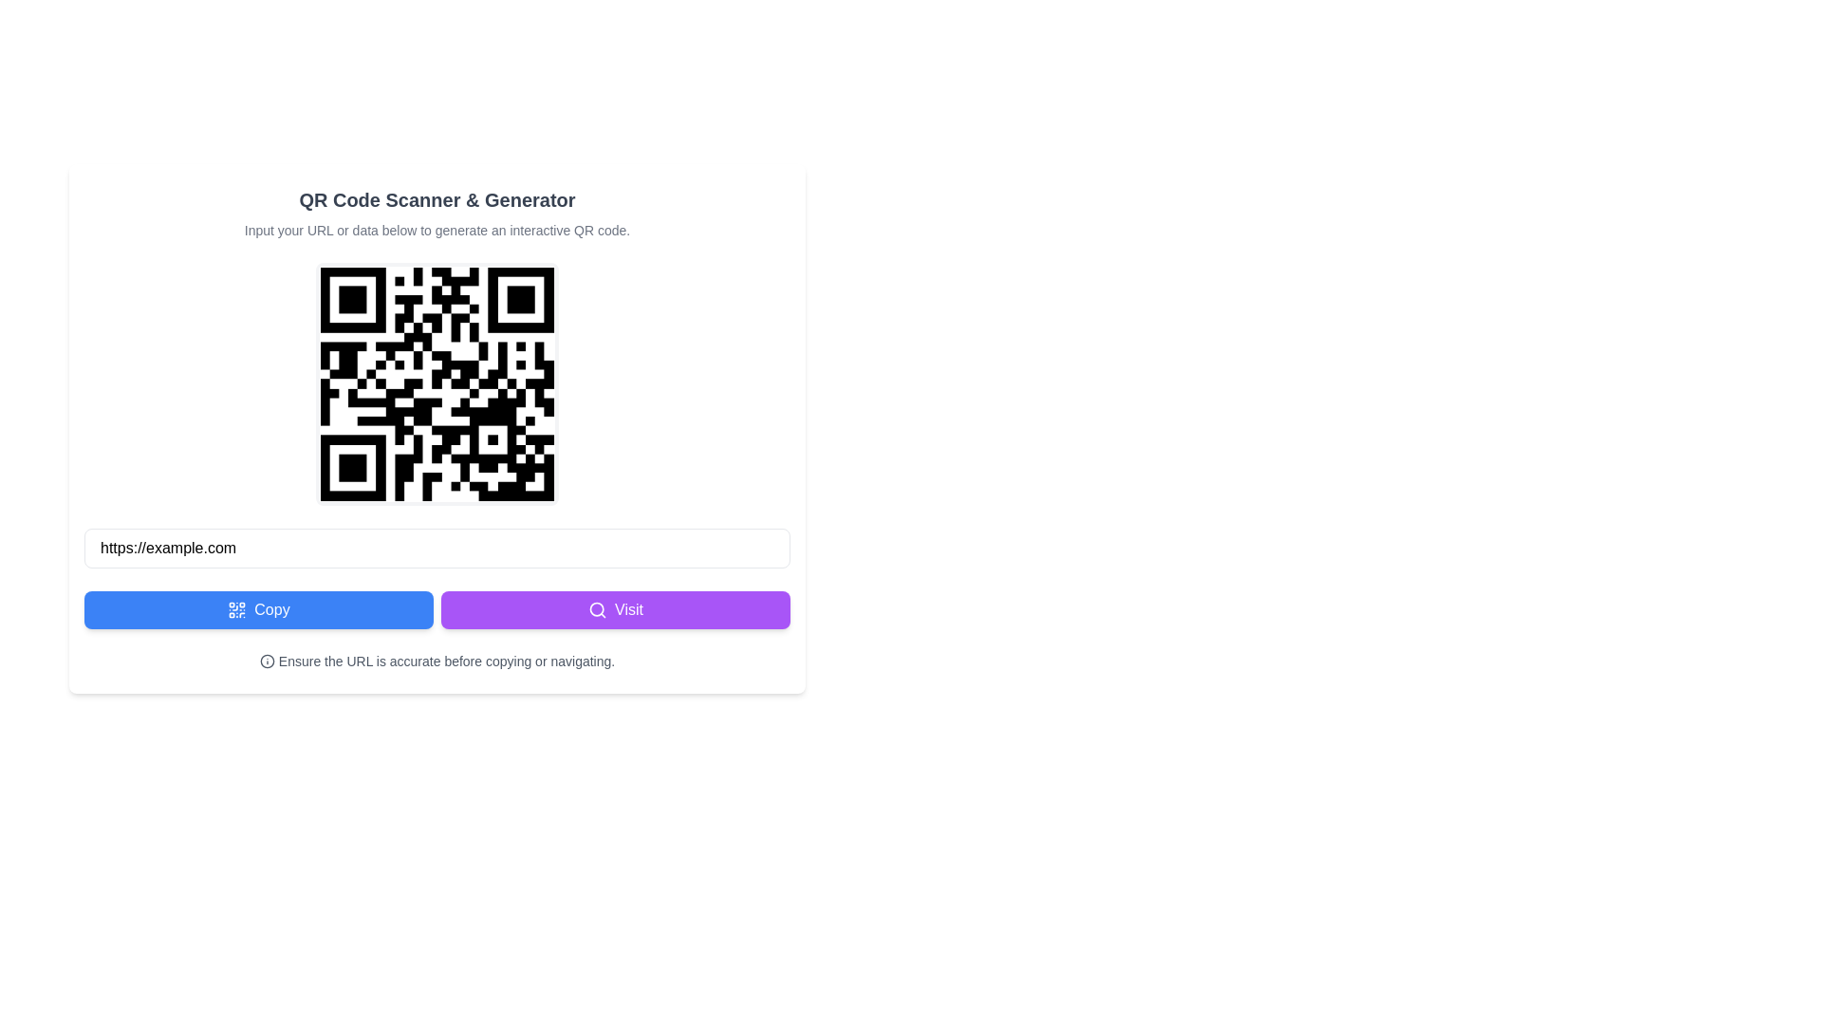 This screenshot has width=1822, height=1025. I want to click on the SVG Circle element that is part of a magnifying glass icon, located at the top right portion of the interface, so click(596, 609).